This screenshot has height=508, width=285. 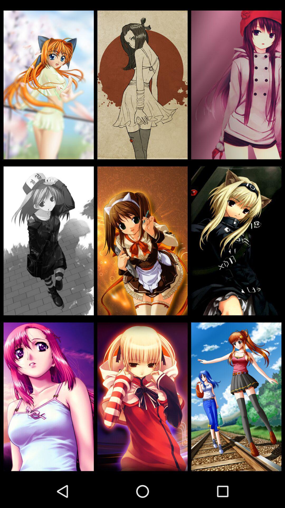 What do you see at coordinates (49, 85) in the screenshot?
I see `zoom in on this picture` at bounding box center [49, 85].